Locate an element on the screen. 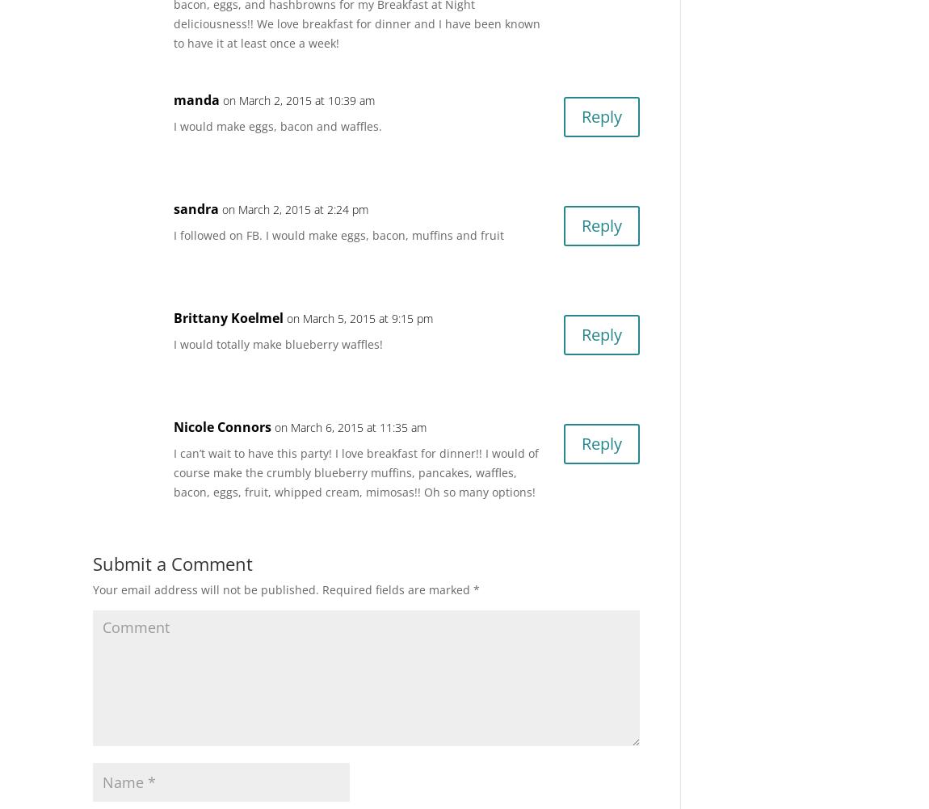 This screenshot has width=929, height=809. 'Submit a Comment' is located at coordinates (172, 562).